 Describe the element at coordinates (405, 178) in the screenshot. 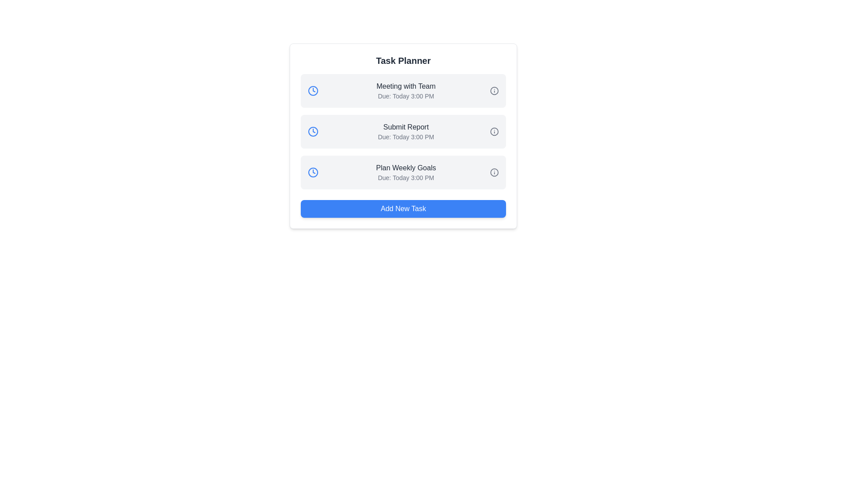

I see `the label displaying the due date and time for the task titled 'Plan Weekly Goals', located within the 'Task Planner' section` at that location.